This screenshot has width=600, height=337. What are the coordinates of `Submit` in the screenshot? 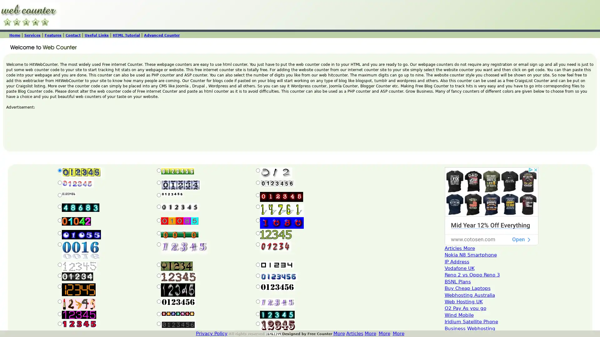 It's located at (278, 276).